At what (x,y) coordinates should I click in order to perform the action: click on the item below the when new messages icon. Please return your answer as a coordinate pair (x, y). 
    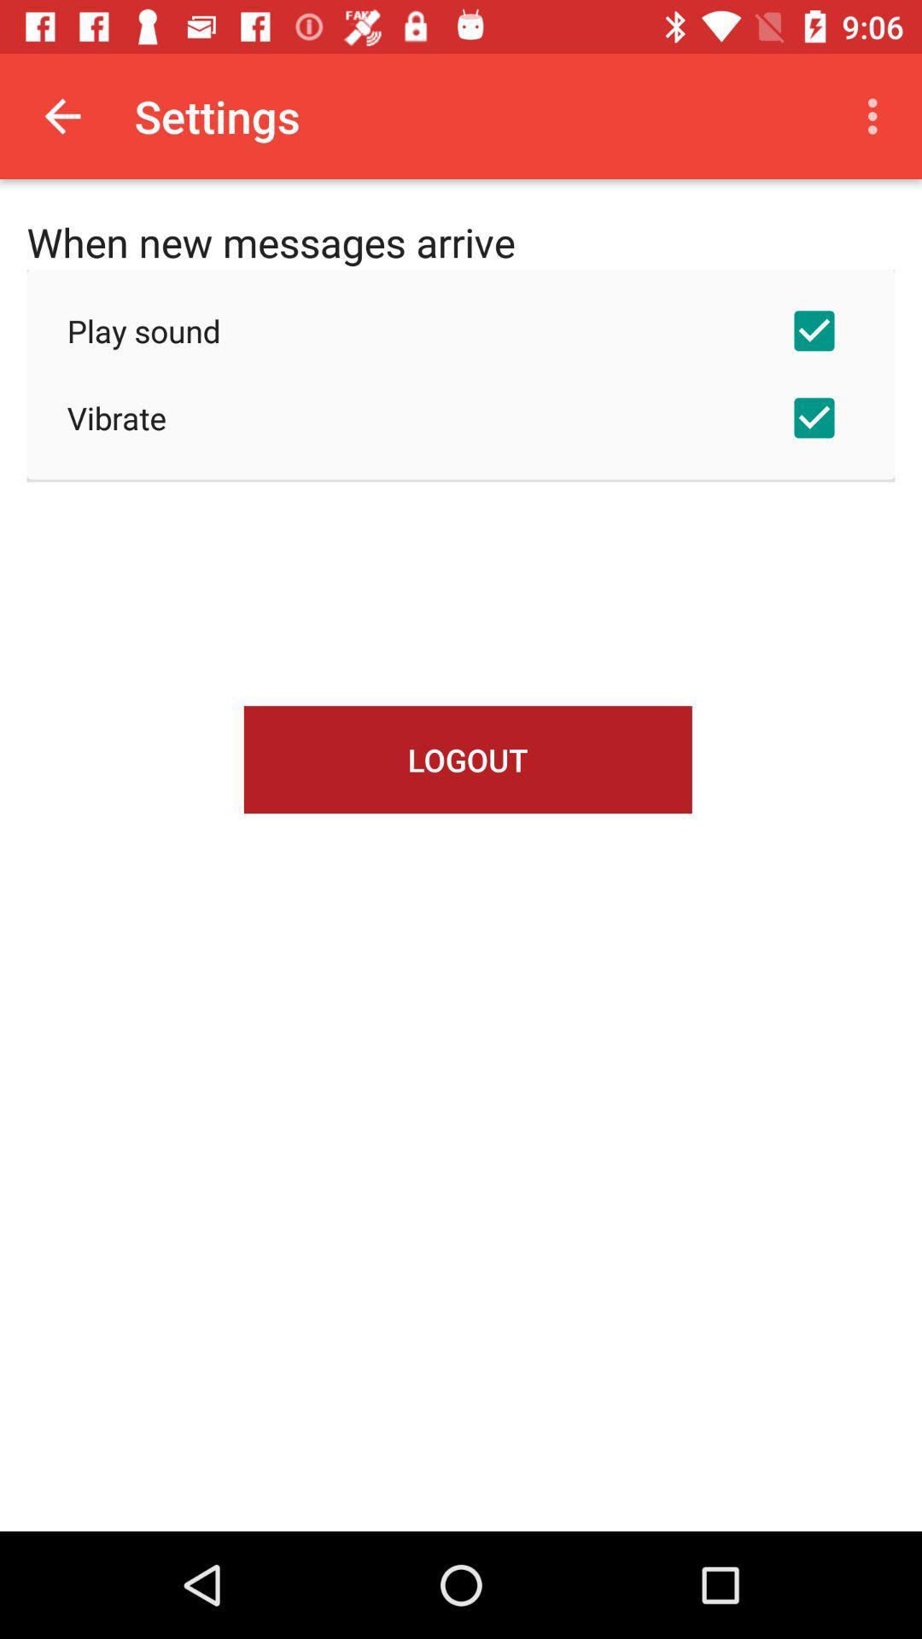
    Looking at the image, I should click on (461, 330).